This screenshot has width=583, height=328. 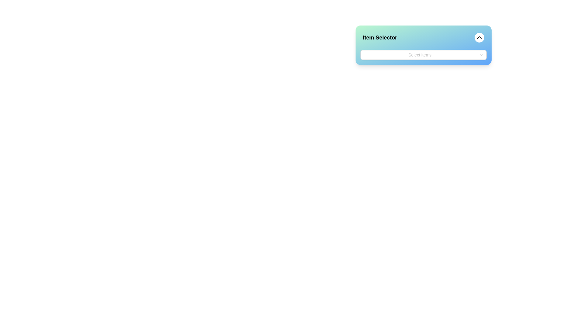 What do you see at coordinates (479, 37) in the screenshot?
I see `the upward-facing chevron arrow icon, which is styled as an SVG component with a thin black outline, located in the top-right corner of the interface inside a rounded white button` at bounding box center [479, 37].